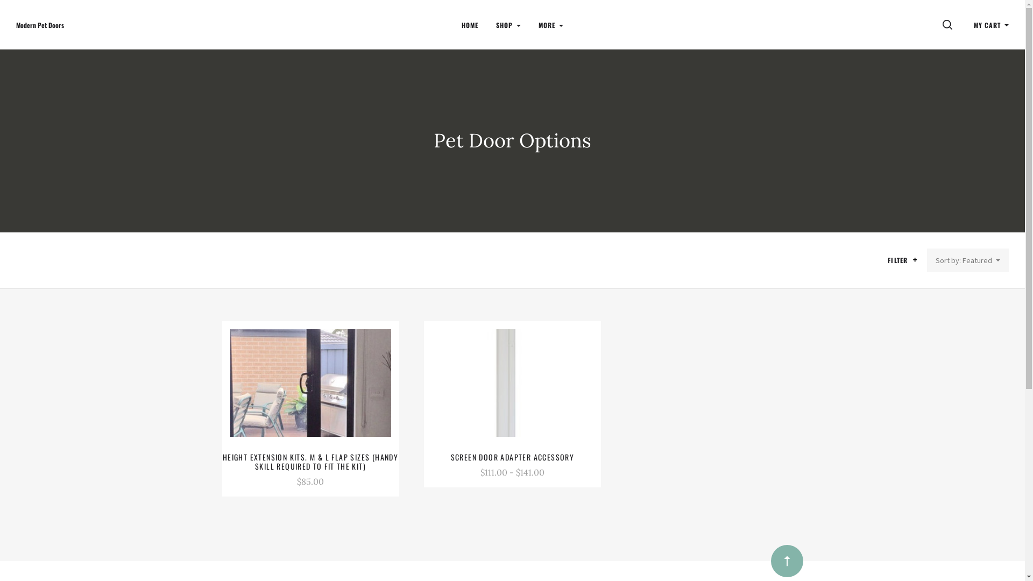  I want to click on 'HOME', so click(470, 24).